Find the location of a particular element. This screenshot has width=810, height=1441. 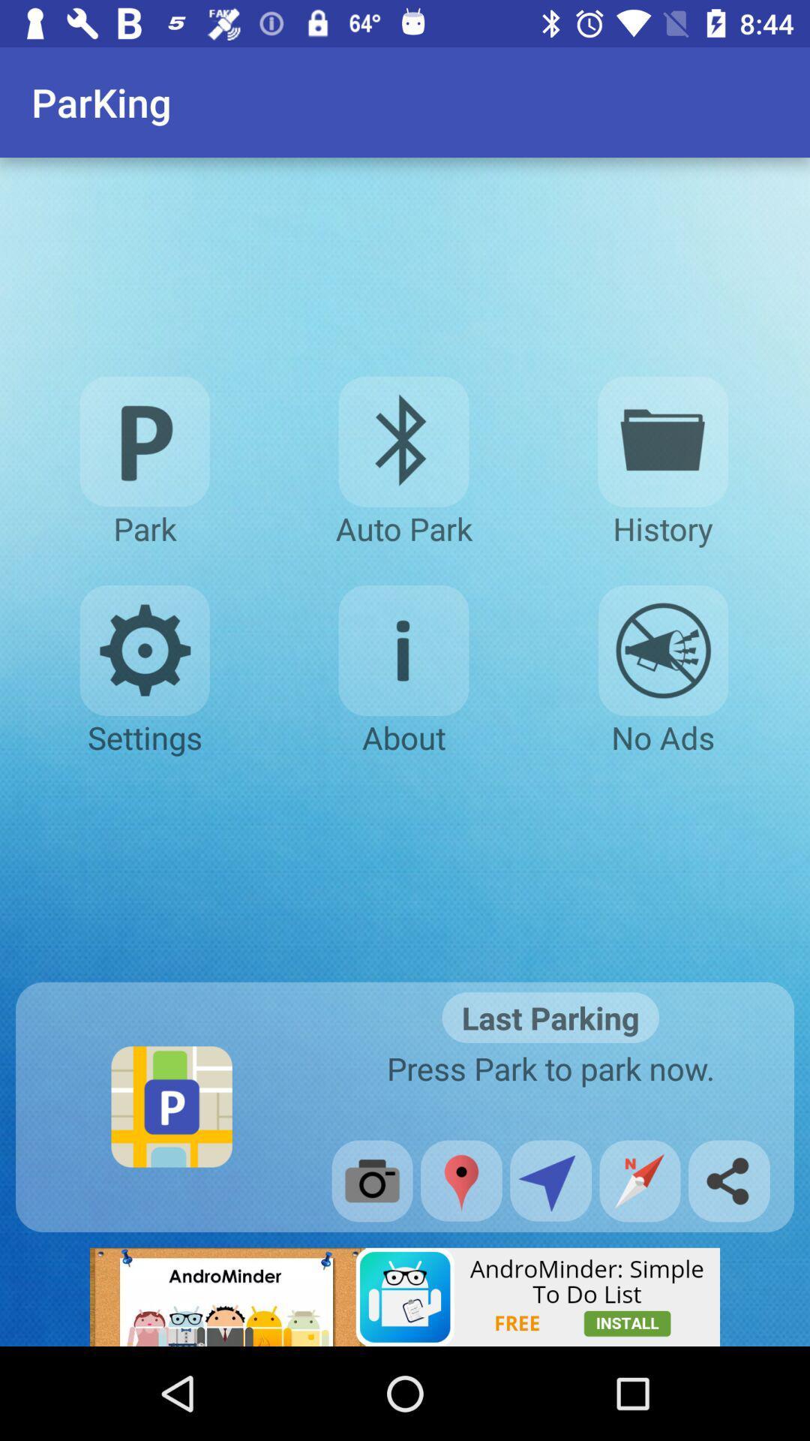

share to others is located at coordinates (728, 1180).